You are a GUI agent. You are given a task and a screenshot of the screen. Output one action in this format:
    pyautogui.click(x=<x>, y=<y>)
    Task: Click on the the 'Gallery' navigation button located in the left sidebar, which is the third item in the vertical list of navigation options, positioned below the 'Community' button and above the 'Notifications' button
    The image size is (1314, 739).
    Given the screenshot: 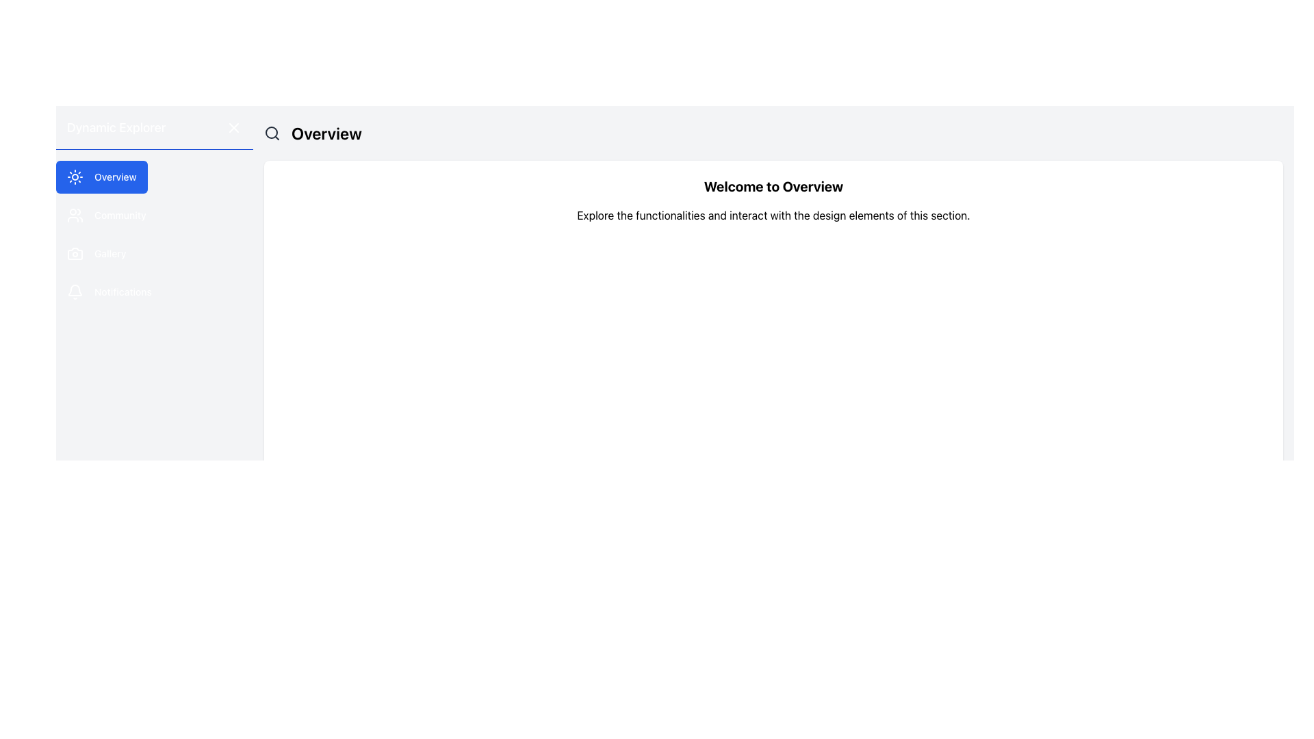 What is the action you would take?
    pyautogui.click(x=96, y=253)
    